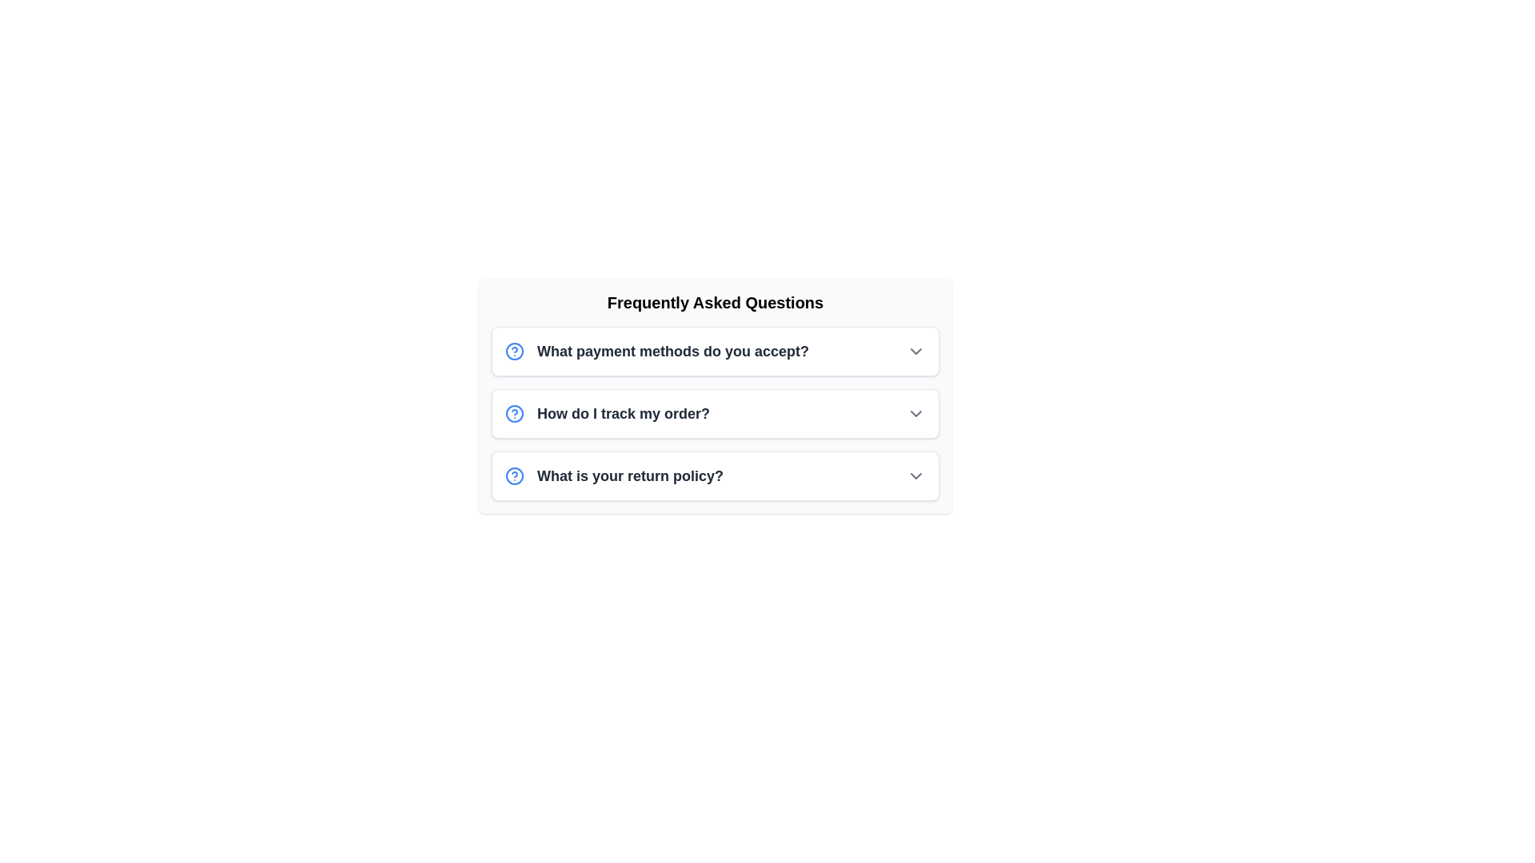  I want to click on the FAQ title text element, which is located below the 'Frequently Asked Questions' section title and has a help icon on the left and a dropdown arrow icon on the right, so click(656, 350).